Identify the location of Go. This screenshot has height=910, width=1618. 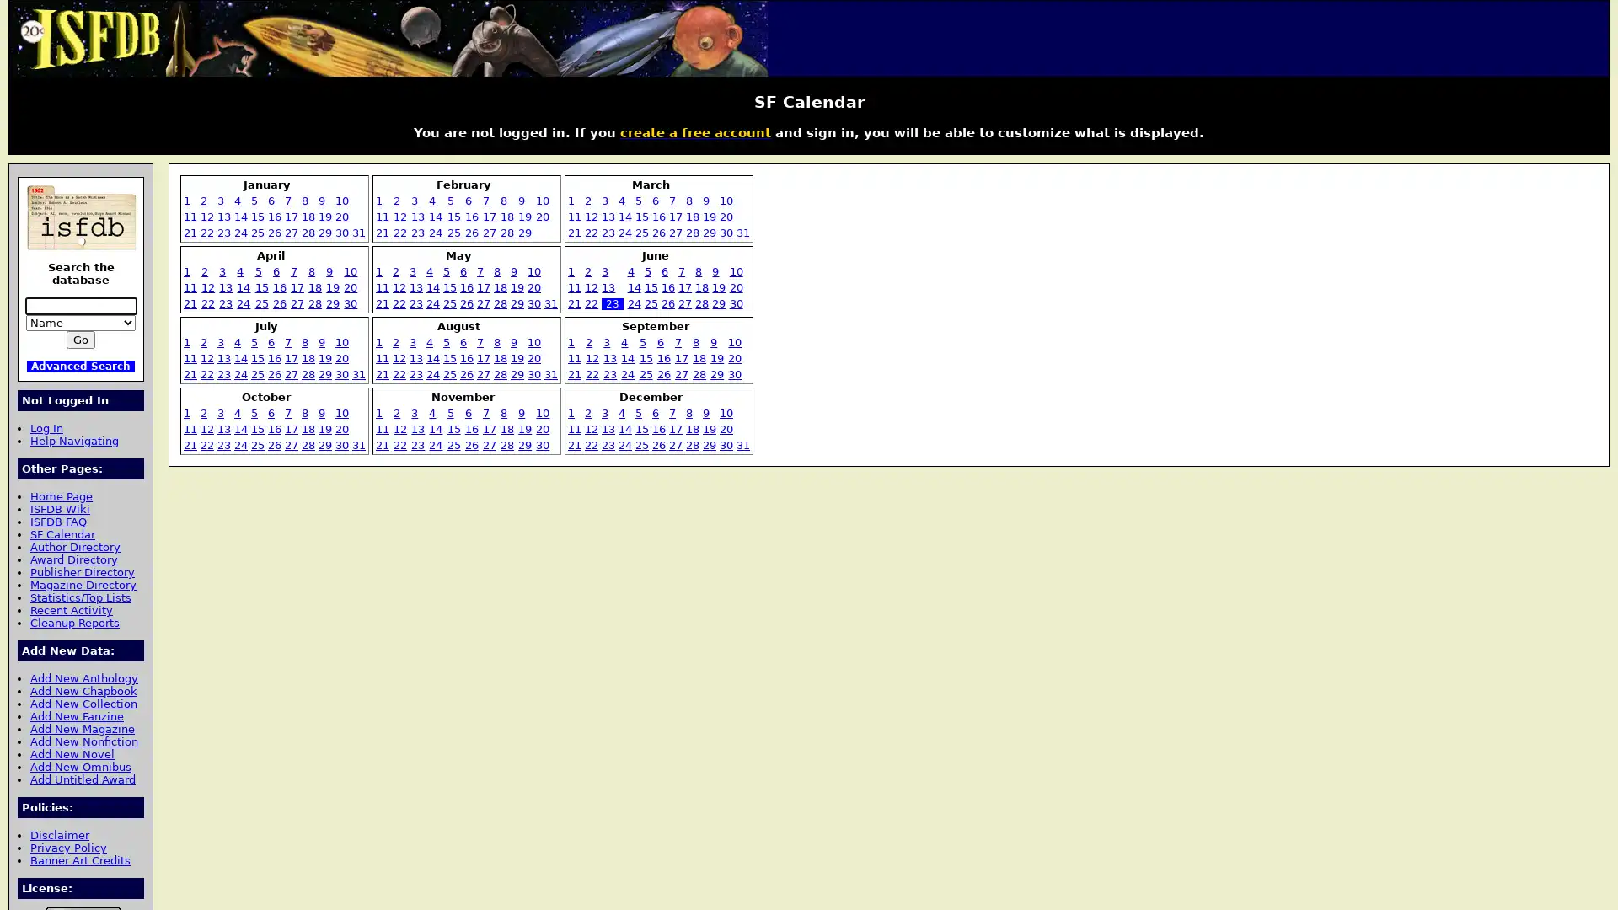
(80, 340).